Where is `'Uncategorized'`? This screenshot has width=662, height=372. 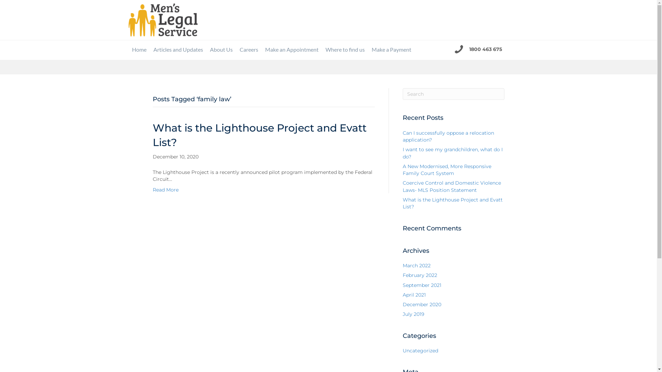 'Uncategorized' is located at coordinates (420, 351).